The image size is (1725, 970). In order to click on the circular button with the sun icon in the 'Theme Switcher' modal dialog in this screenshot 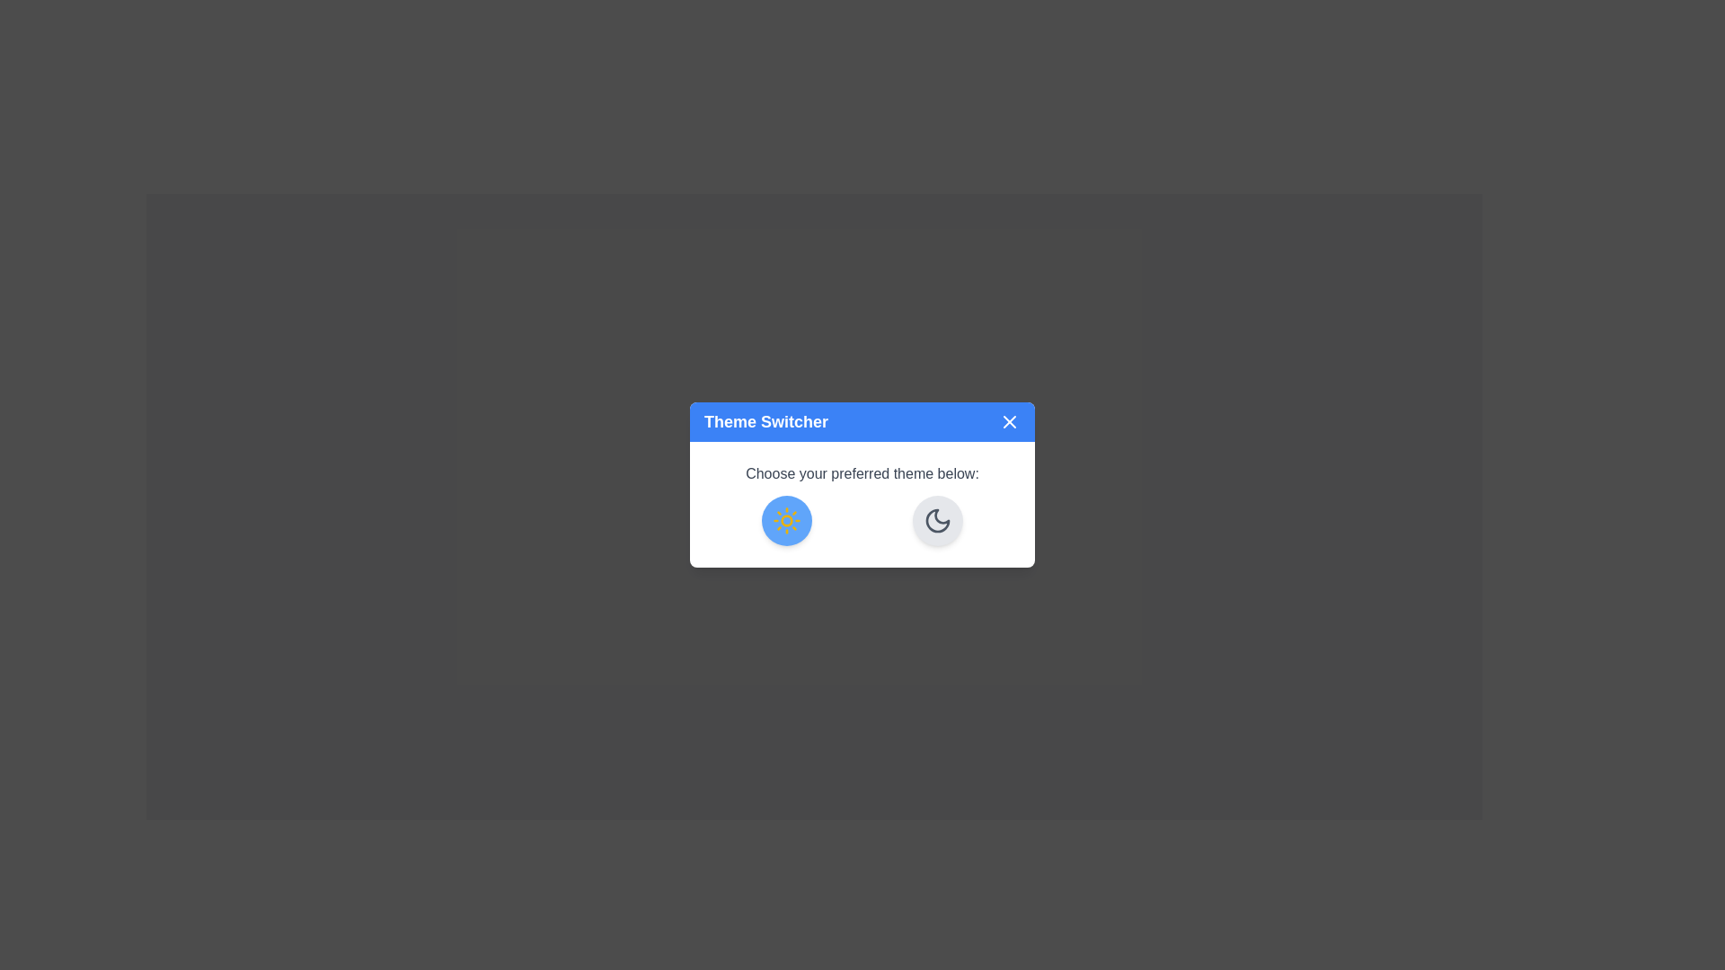, I will do `click(862, 485)`.